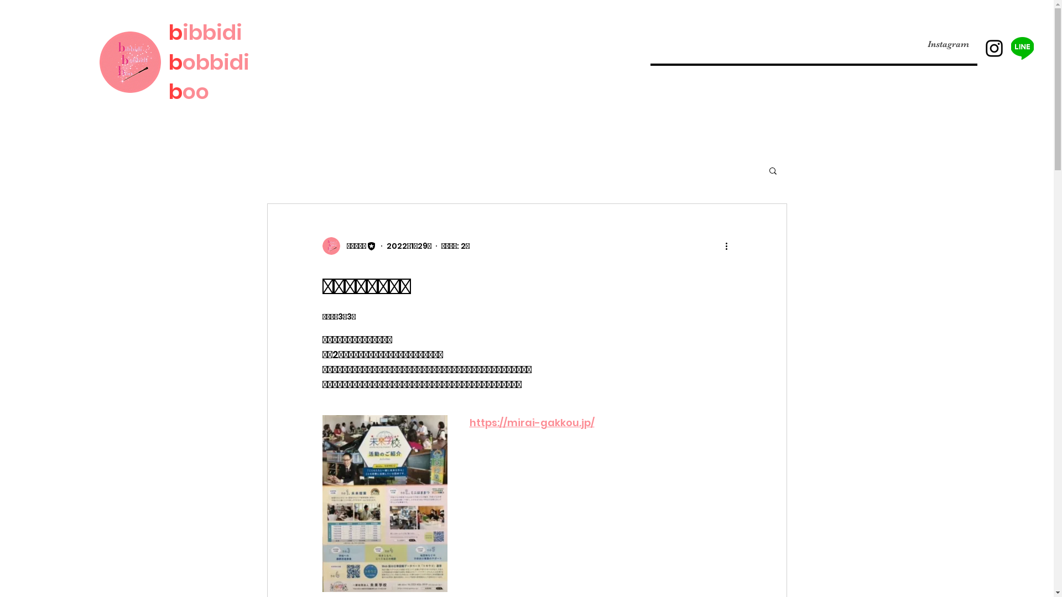  What do you see at coordinates (531, 422) in the screenshot?
I see `'https://mirai-gakkou.jp/'` at bounding box center [531, 422].